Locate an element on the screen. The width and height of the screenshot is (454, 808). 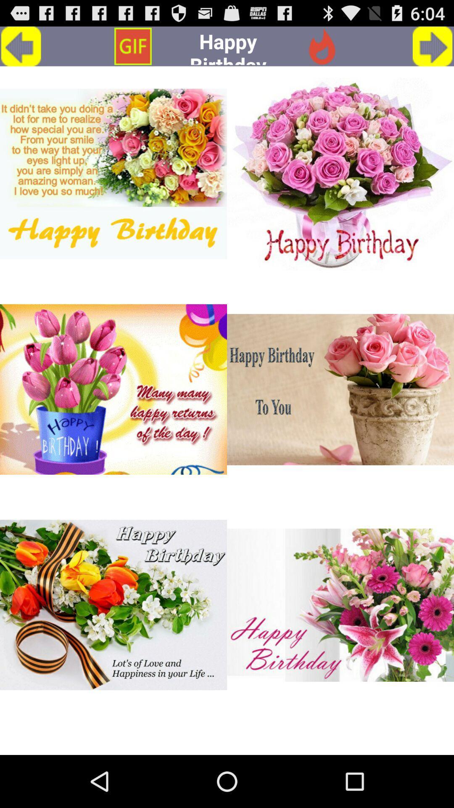
this gif is located at coordinates (113, 605).